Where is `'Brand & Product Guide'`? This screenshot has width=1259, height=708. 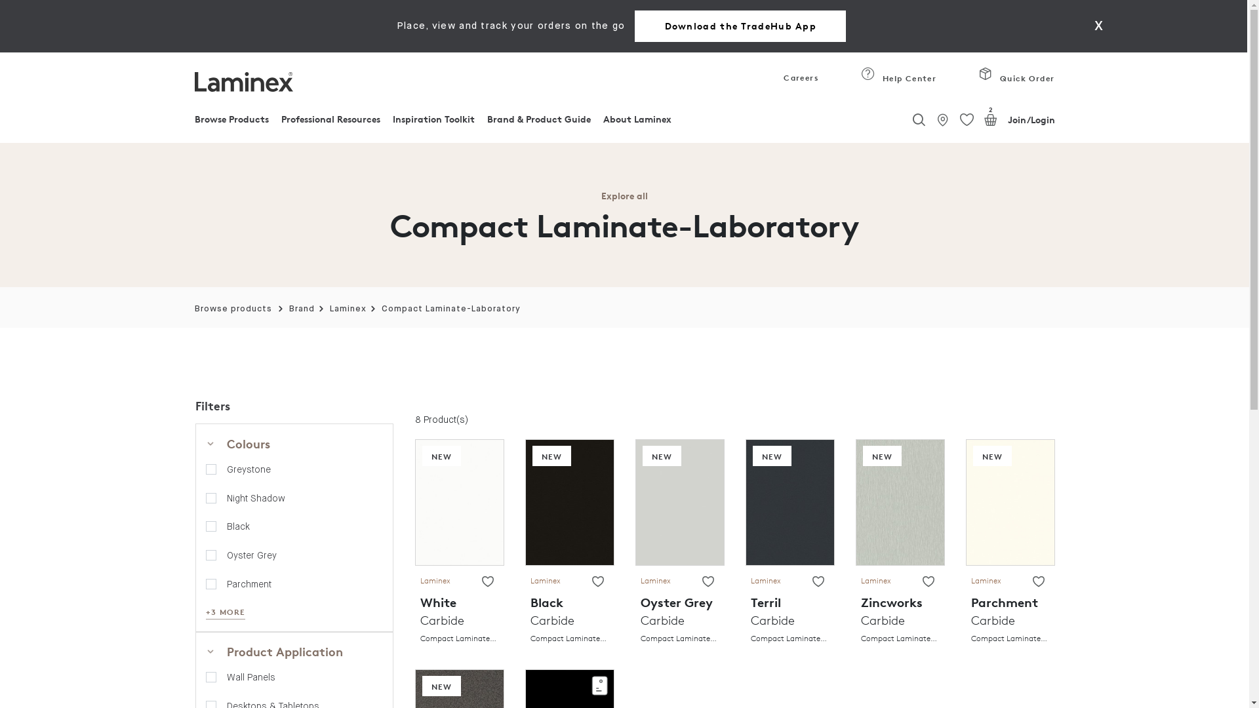 'Brand & Product Guide' is located at coordinates (487, 122).